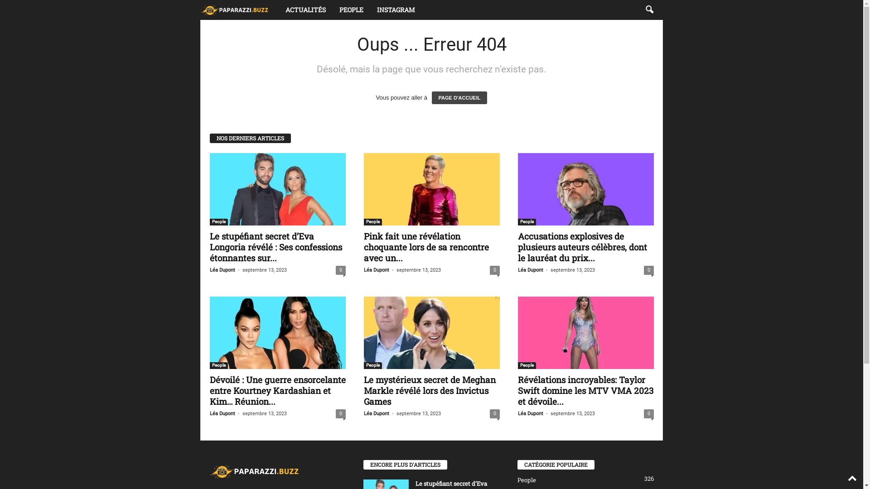 The height and width of the screenshot is (489, 870). I want to click on 'Paparazzi', so click(239, 10).